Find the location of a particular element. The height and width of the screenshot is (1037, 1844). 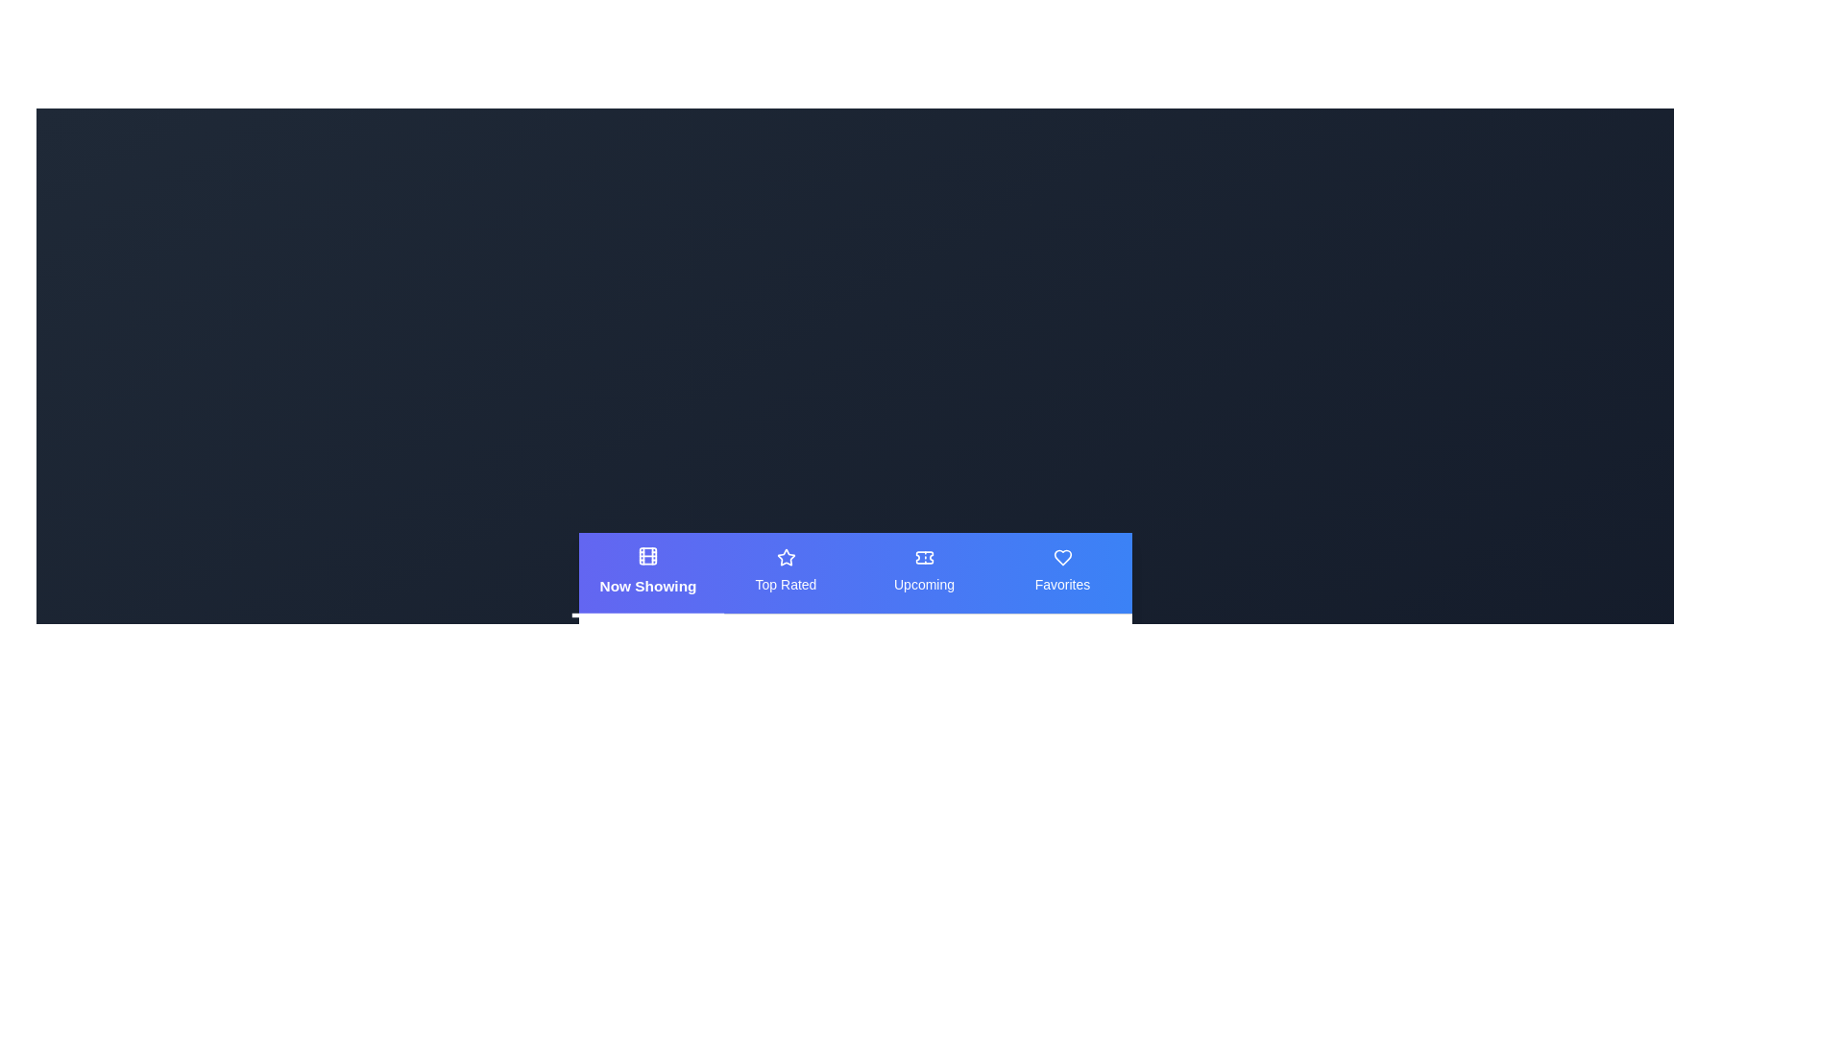

the appearance of the heart-shaped outline icon filled with blue hue located in the 'Favorites' section of the bottom navigation bar, adjacent to the 'Upcoming' section is located at coordinates (1061, 557).